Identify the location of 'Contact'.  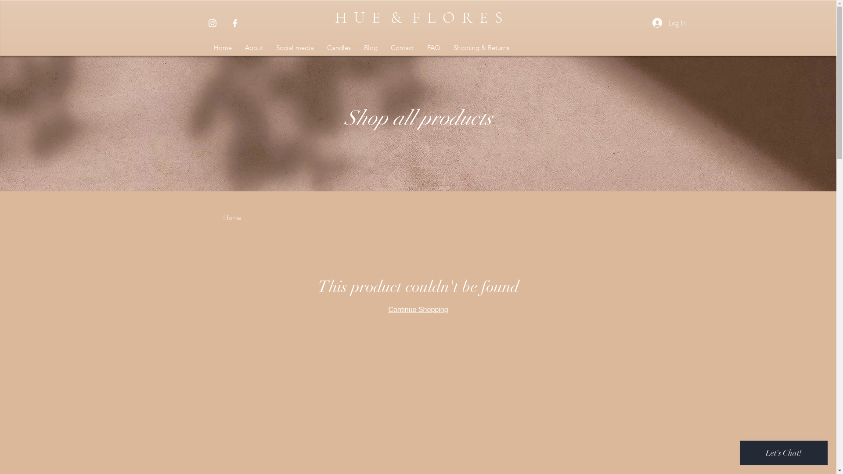
(401, 47).